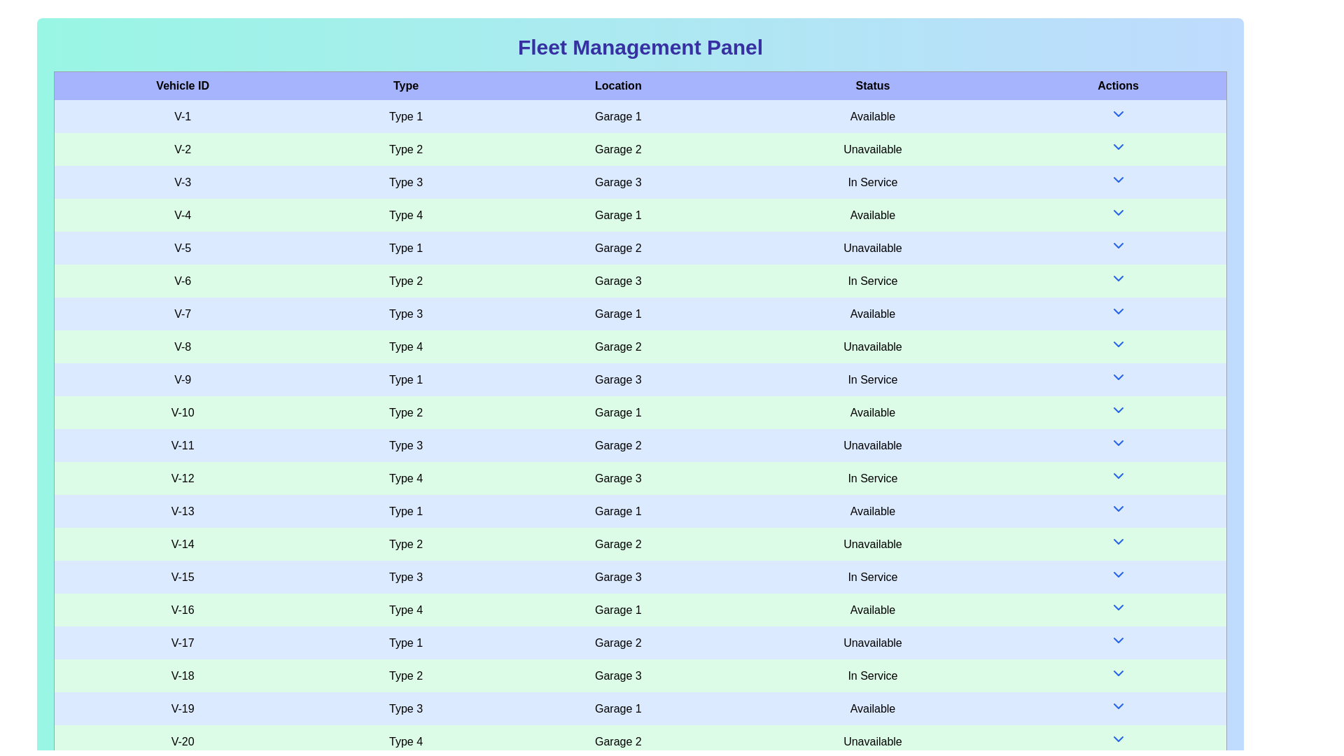 This screenshot has height=756, width=1344. Describe the element at coordinates (181, 85) in the screenshot. I see `the column header 'Vehicle ID' to sort the table by that column` at that location.